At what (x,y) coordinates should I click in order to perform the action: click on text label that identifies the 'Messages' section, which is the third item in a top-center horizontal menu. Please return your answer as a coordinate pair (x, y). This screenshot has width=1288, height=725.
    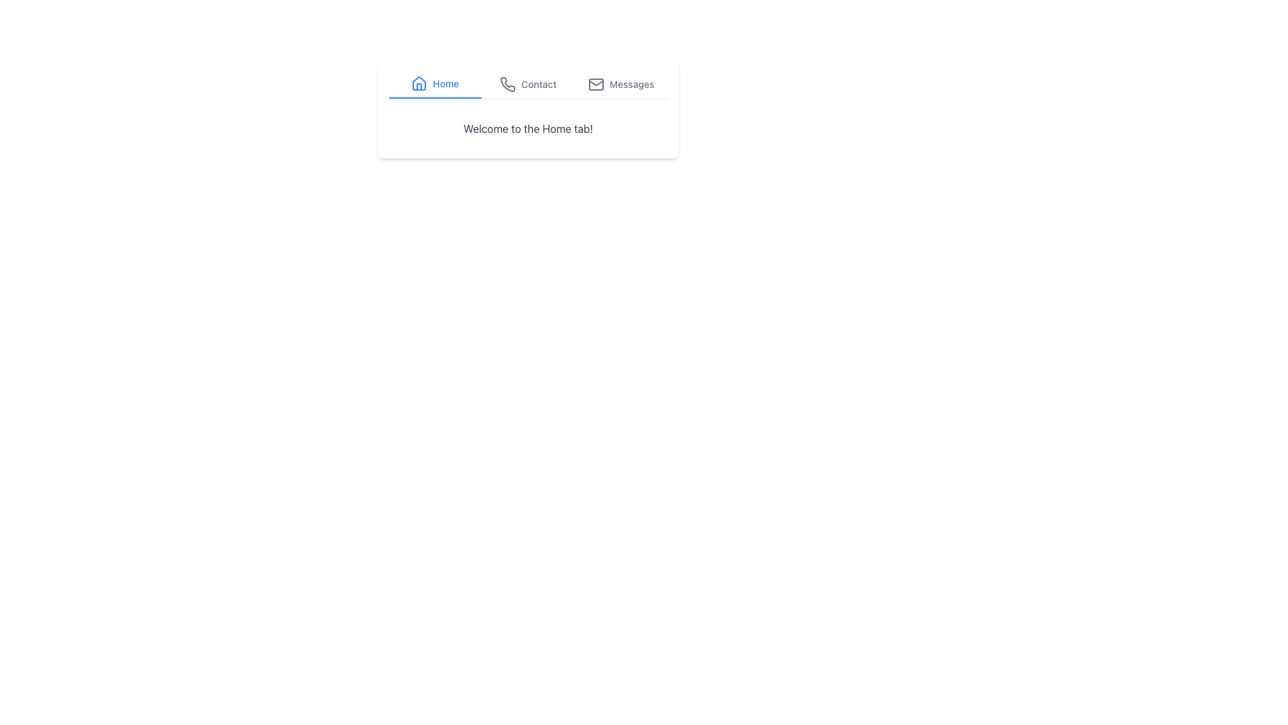
    Looking at the image, I should click on (631, 85).